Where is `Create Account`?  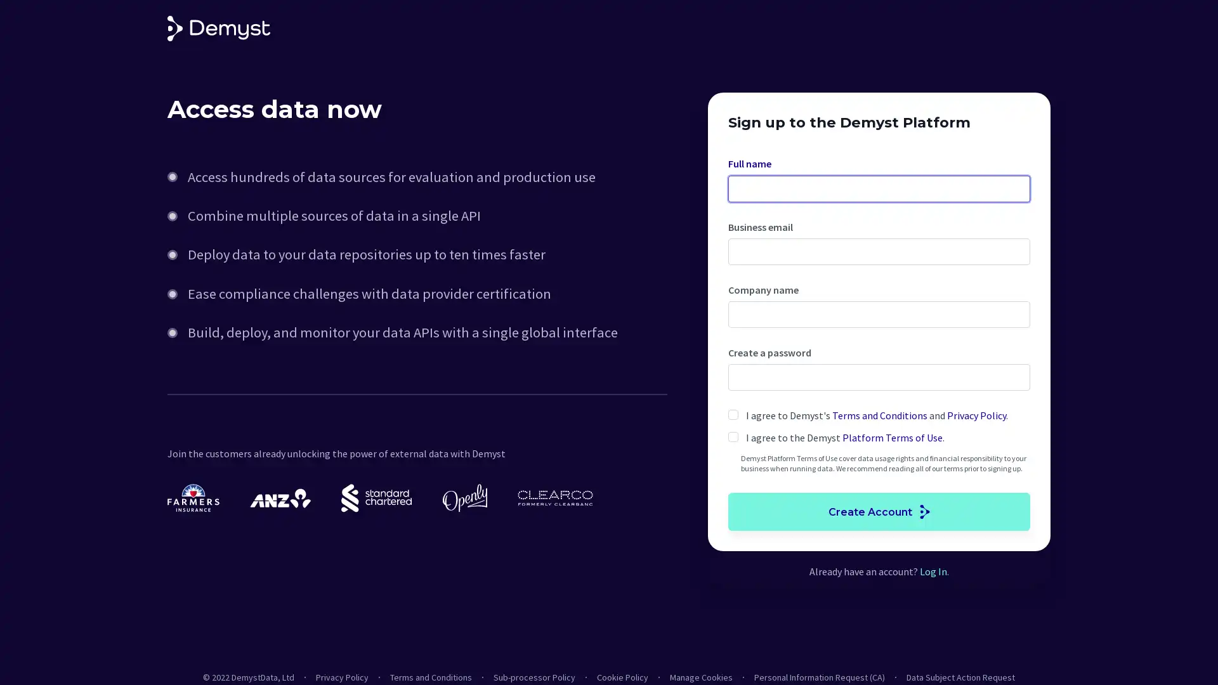 Create Account is located at coordinates (879, 511).